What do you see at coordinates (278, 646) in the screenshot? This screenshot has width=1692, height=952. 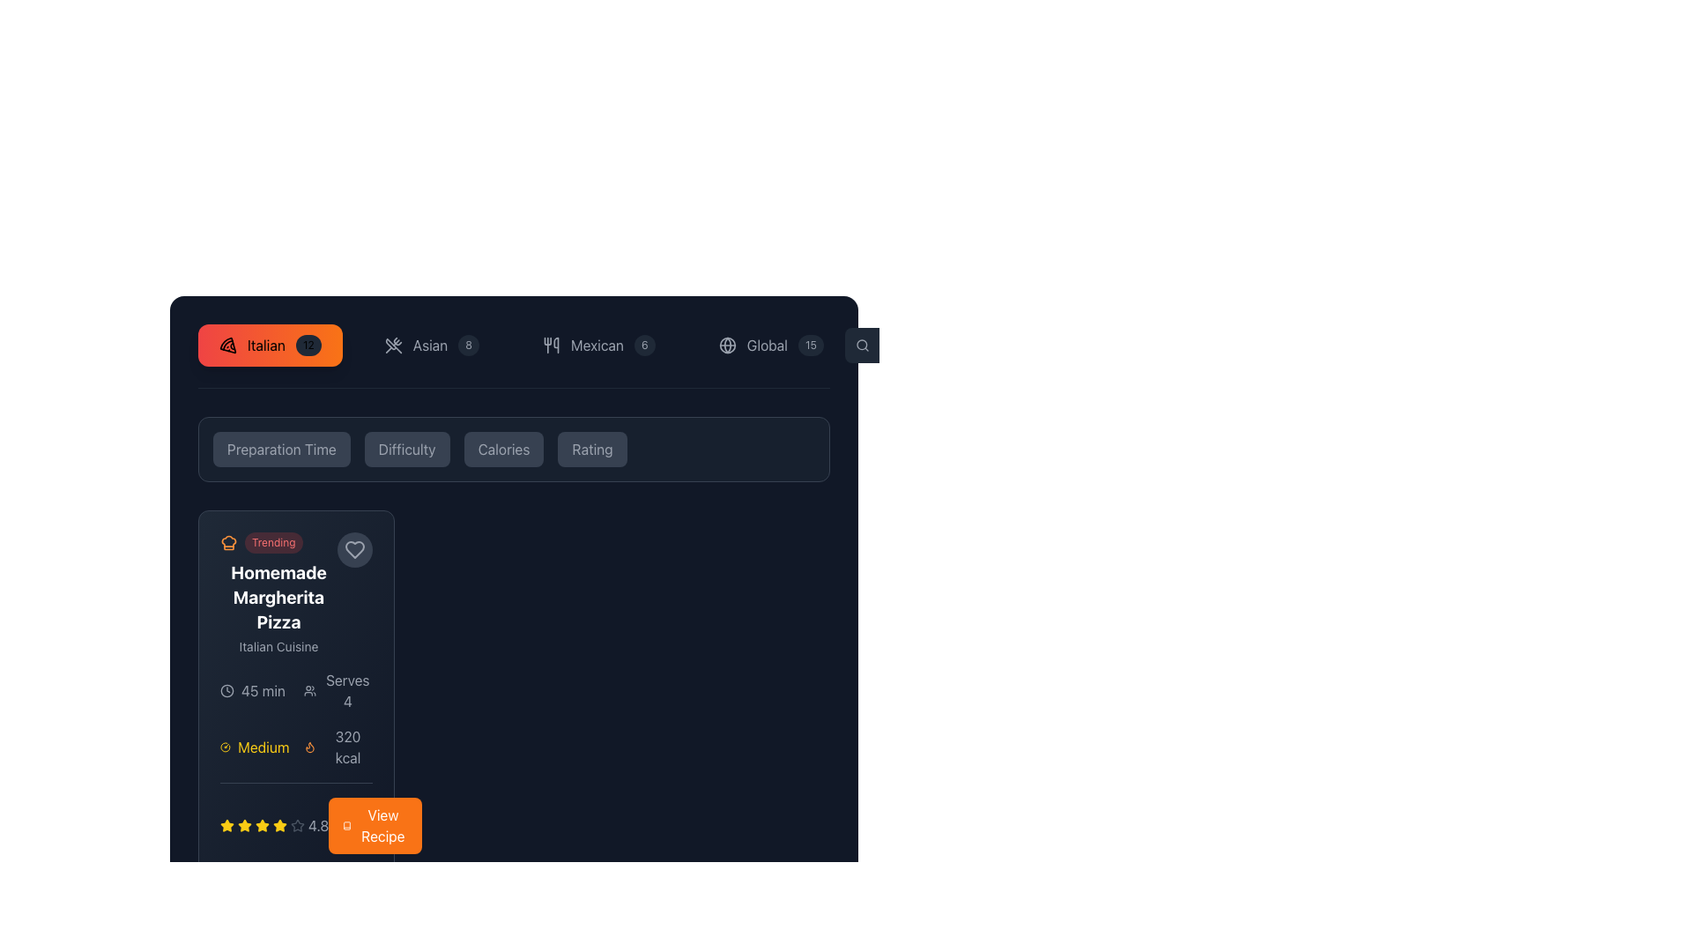 I see `the text label indicating Italian cuisine, which is positioned at the bottom of the card beneath the title 'Homemade Margherita Pizza'` at bounding box center [278, 646].